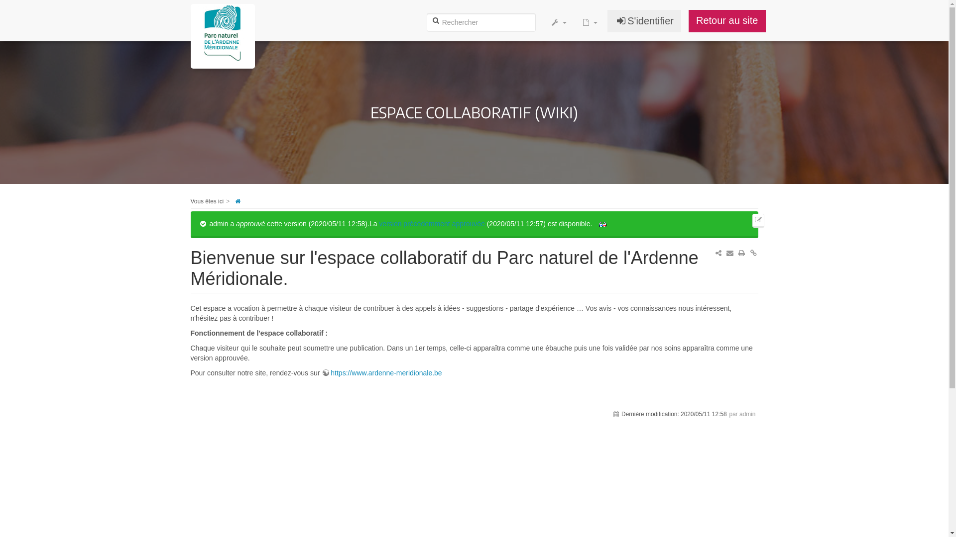  I want to click on '[H]', so click(183, 22).